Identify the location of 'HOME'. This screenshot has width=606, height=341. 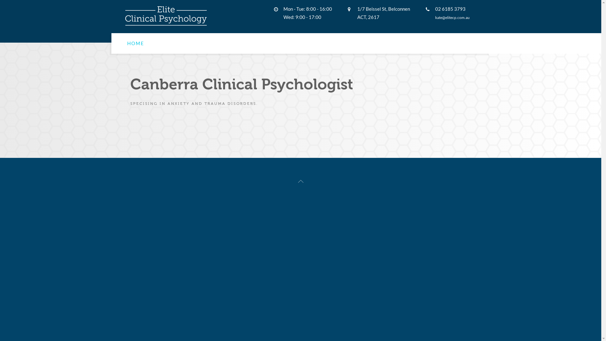
(135, 43).